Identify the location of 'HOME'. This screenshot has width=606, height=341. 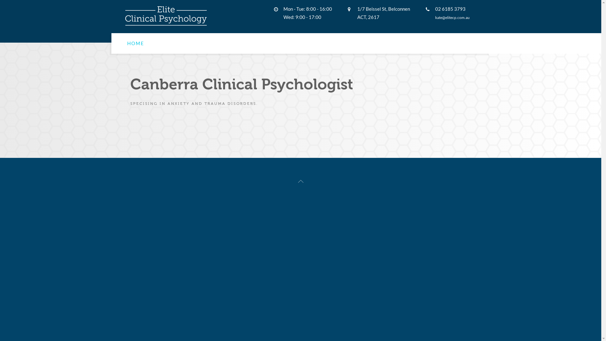
(135, 43).